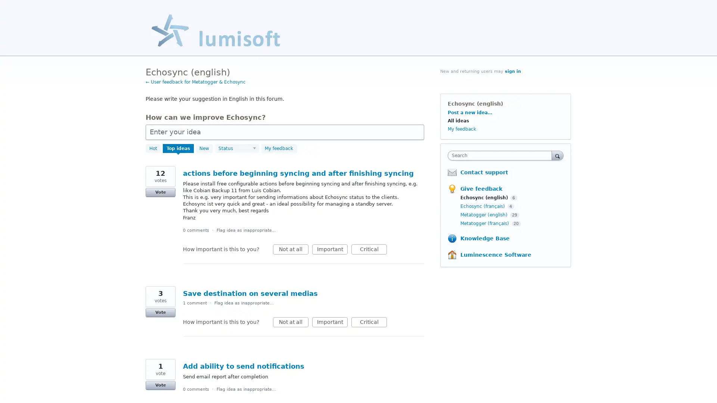 This screenshot has width=717, height=403. Describe the element at coordinates (160, 385) in the screenshot. I see `Vote` at that location.